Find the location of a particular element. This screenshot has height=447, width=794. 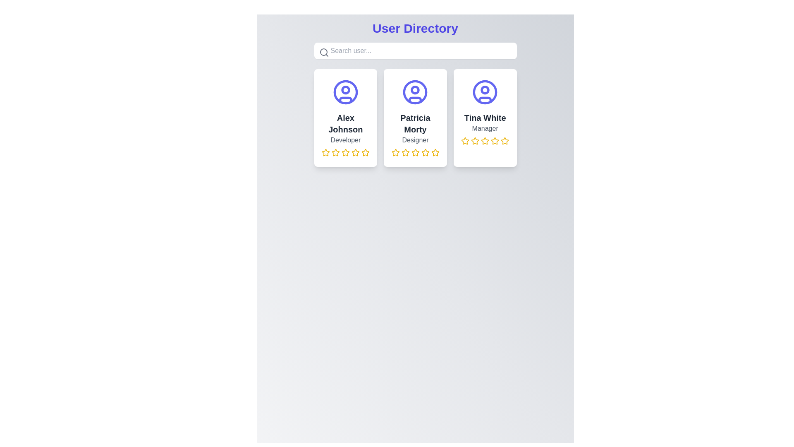

the third yellow outlined star icon in the rating system displayed under the user 'Alex Johnson' is located at coordinates (345, 153).